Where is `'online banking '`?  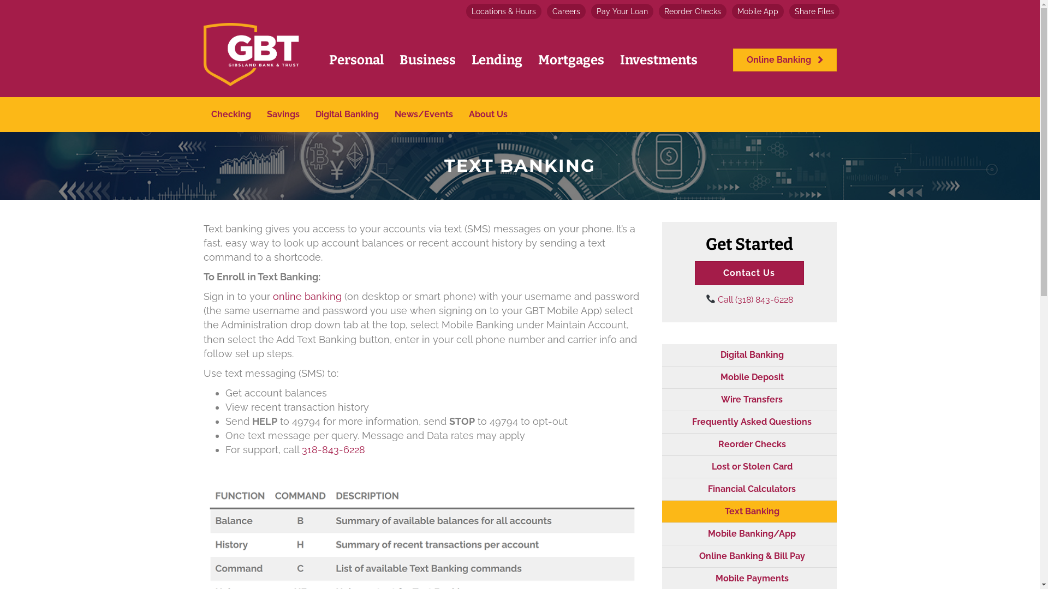
'online banking ' is located at coordinates (272, 296).